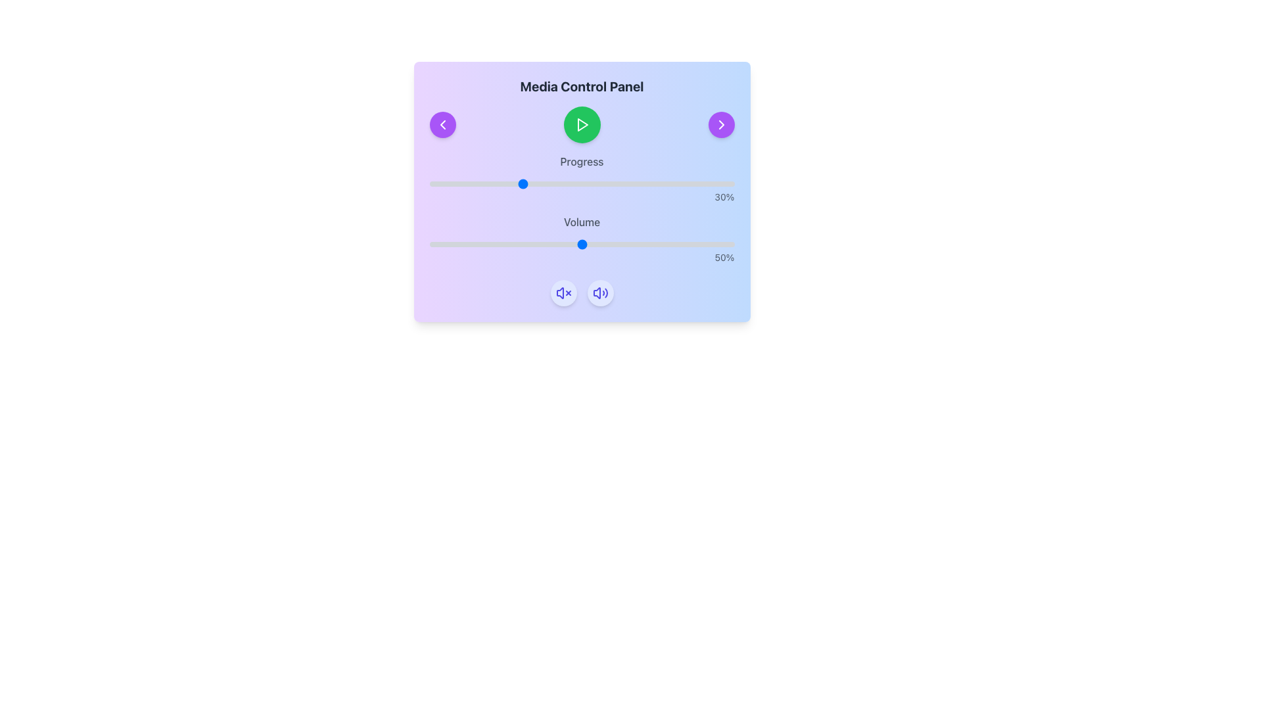  Describe the element at coordinates (709, 184) in the screenshot. I see `progress` at that location.